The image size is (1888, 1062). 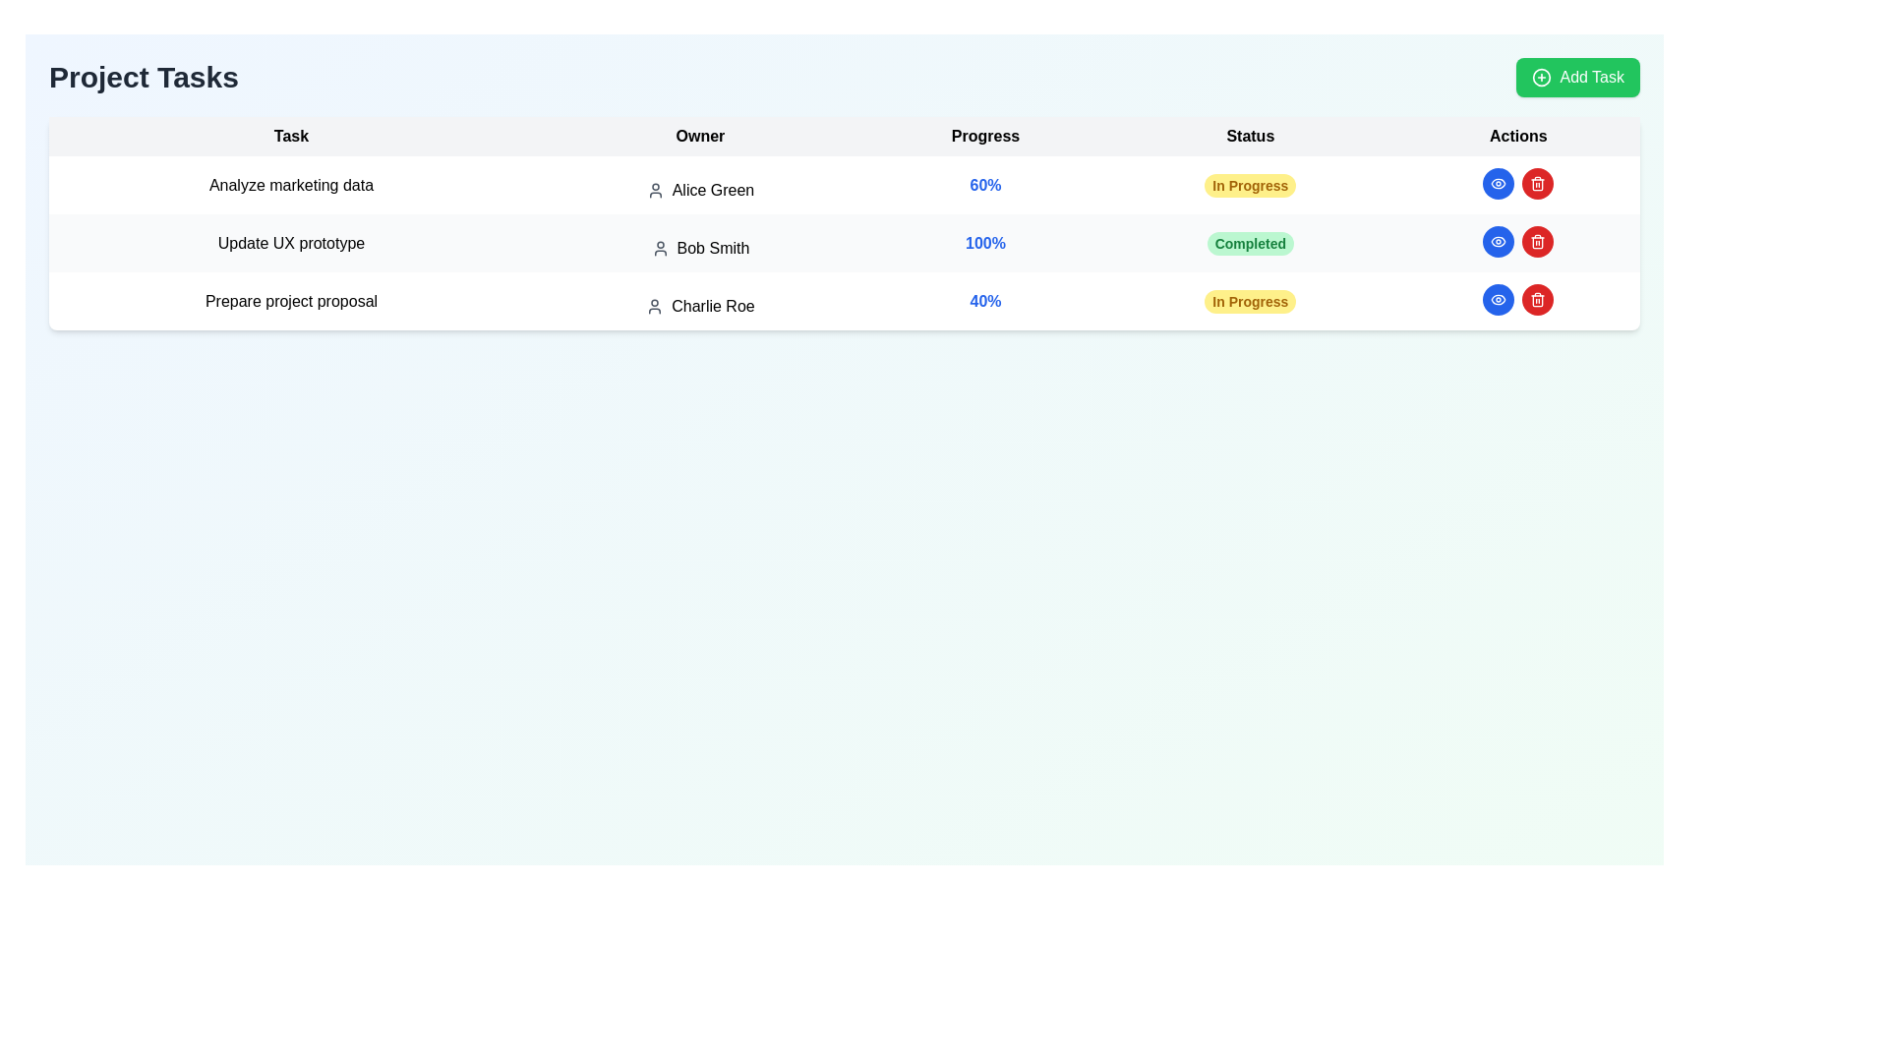 What do you see at coordinates (1537, 299) in the screenshot?
I see `the delete button located in the 'Actions' column of the third row in the table` at bounding box center [1537, 299].